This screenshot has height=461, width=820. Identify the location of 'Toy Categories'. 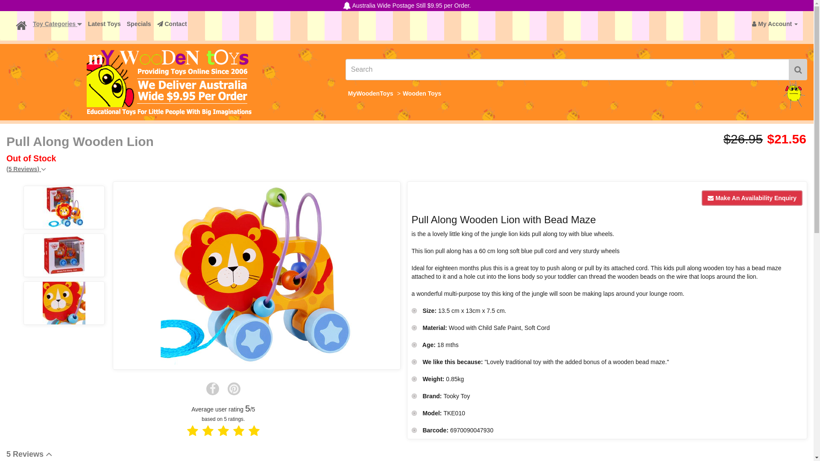
(57, 23).